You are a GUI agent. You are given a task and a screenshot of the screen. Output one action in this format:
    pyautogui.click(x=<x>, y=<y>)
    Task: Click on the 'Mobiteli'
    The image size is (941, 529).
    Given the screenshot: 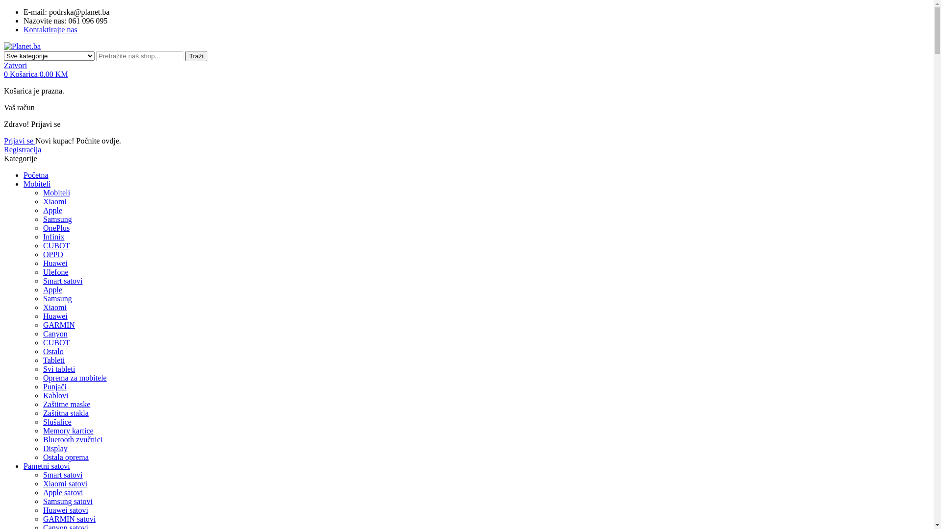 What is the action you would take?
    pyautogui.click(x=37, y=184)
    